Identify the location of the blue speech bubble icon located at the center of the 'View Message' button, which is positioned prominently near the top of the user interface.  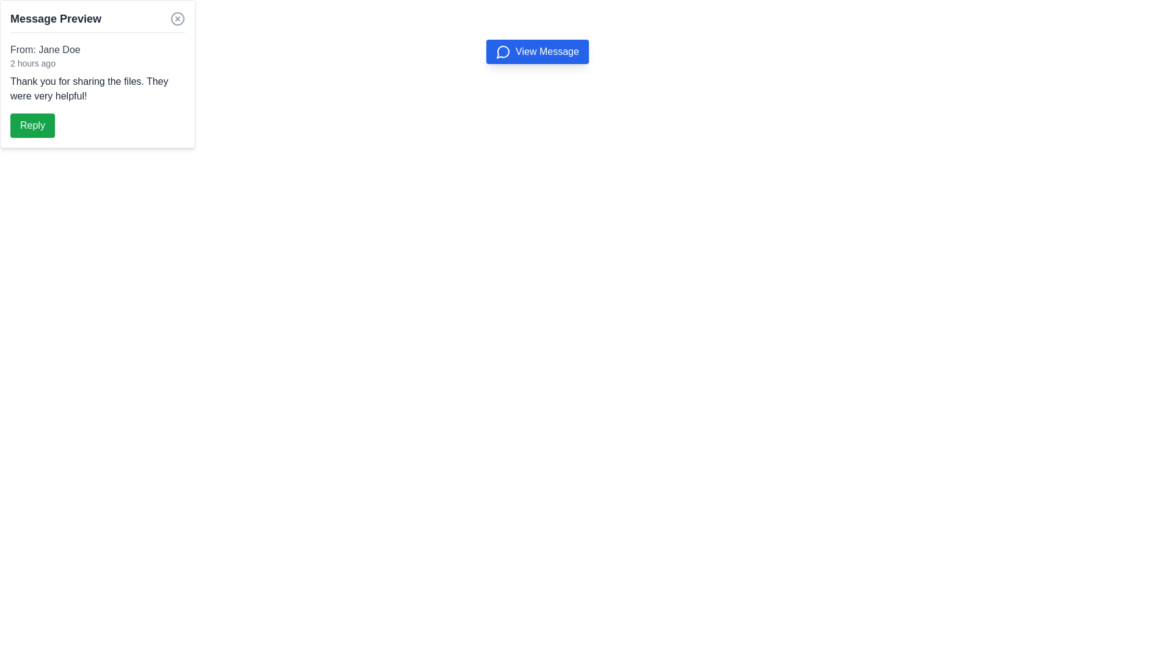
(503, 51).